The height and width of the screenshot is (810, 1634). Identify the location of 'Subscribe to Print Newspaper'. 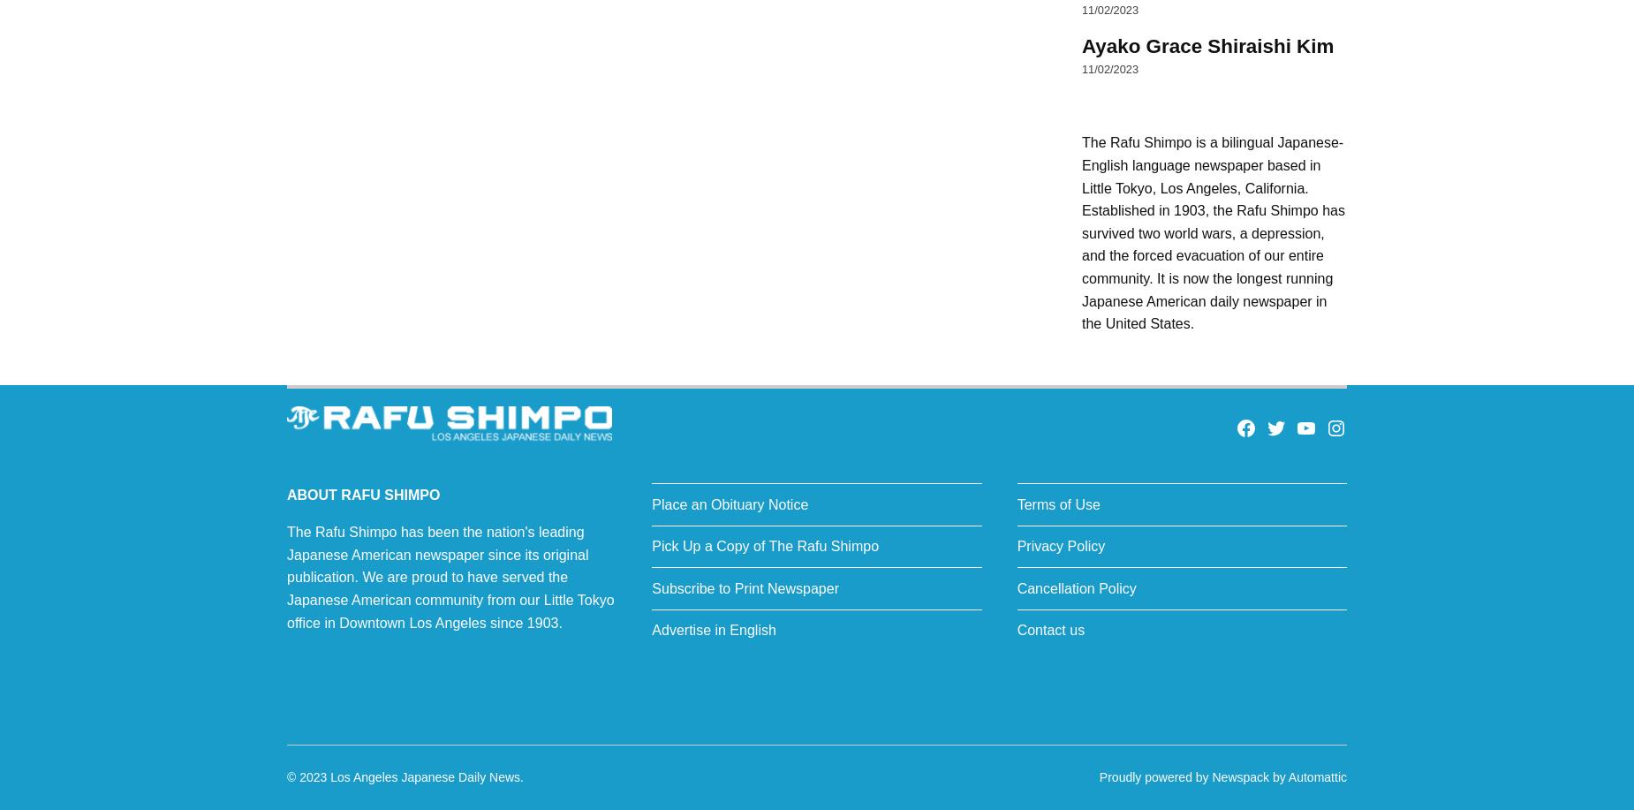
(745, 587).